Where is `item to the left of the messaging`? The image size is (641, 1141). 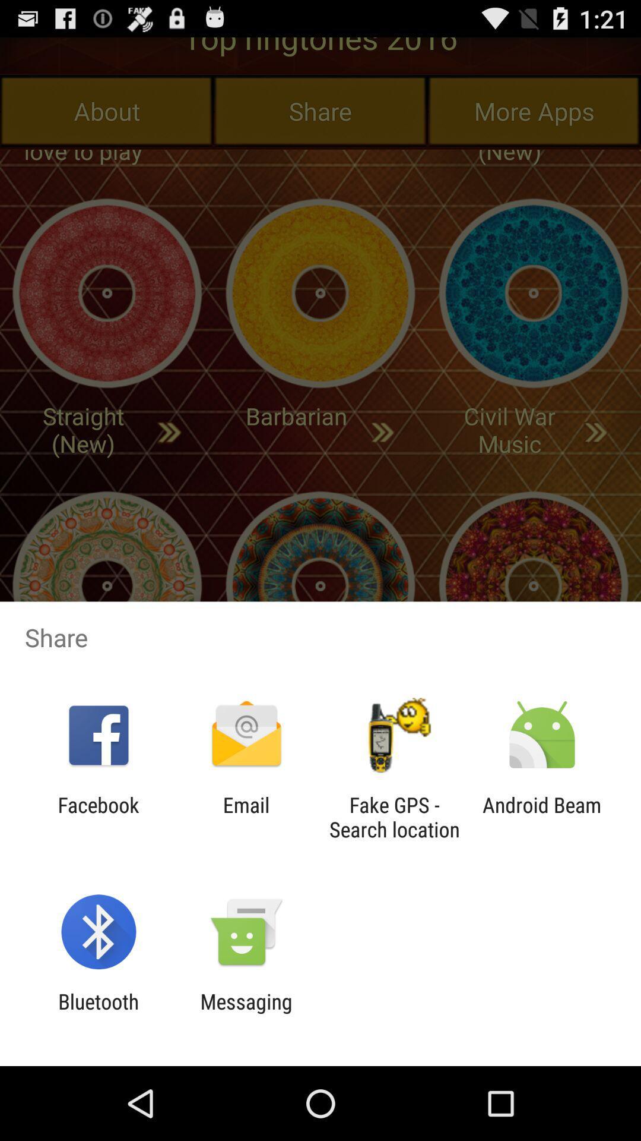 item to the left of the messaging is located at coordinates (98, 1013).